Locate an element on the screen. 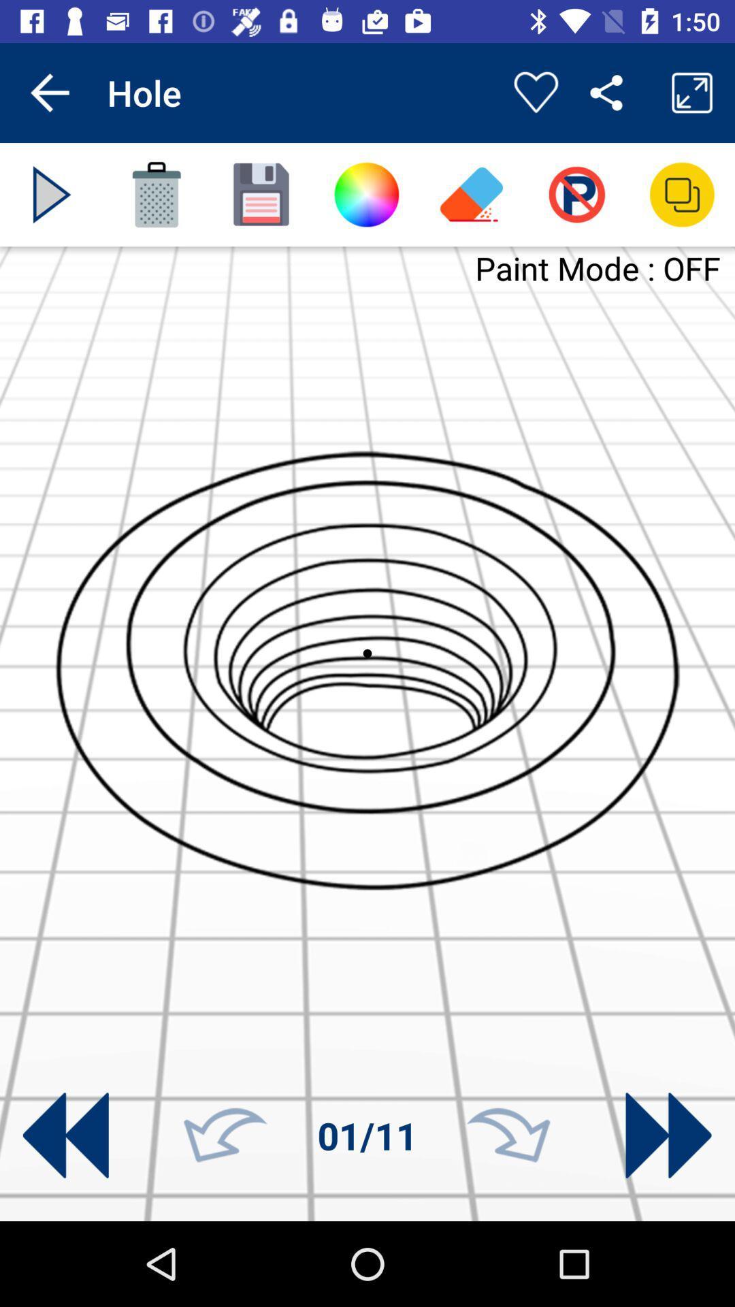 The image size is (735, 1307). go back is located at coordinates (225, 1135).